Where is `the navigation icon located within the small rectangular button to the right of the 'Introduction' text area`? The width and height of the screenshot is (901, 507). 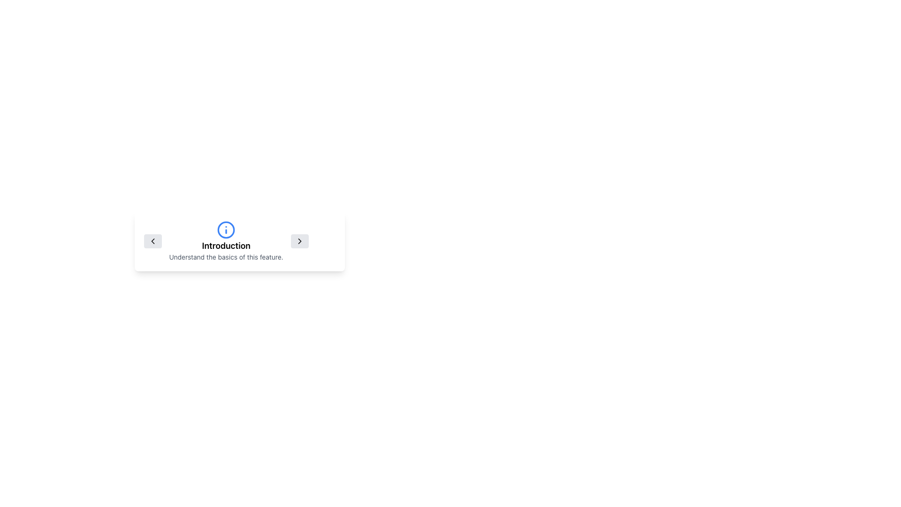 the navigation icon located within the small rectangular button to the right of the 'Introduction' text area is located at coordinates (299, 240).